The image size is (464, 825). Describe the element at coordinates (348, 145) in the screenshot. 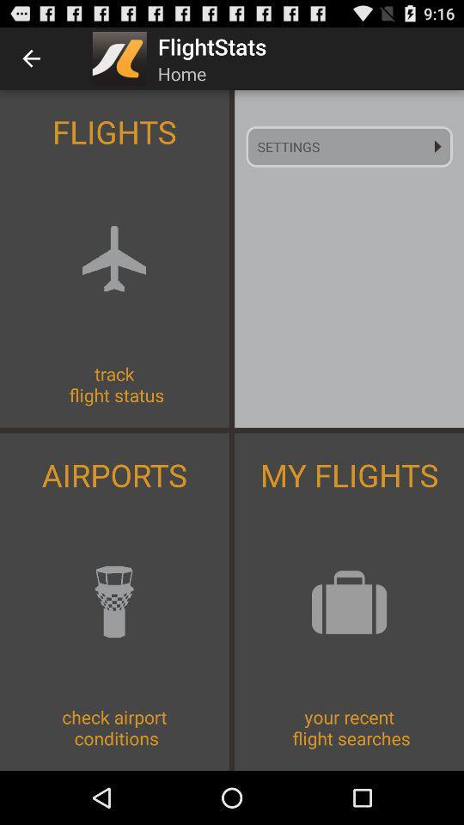

I see `settings` at that location.